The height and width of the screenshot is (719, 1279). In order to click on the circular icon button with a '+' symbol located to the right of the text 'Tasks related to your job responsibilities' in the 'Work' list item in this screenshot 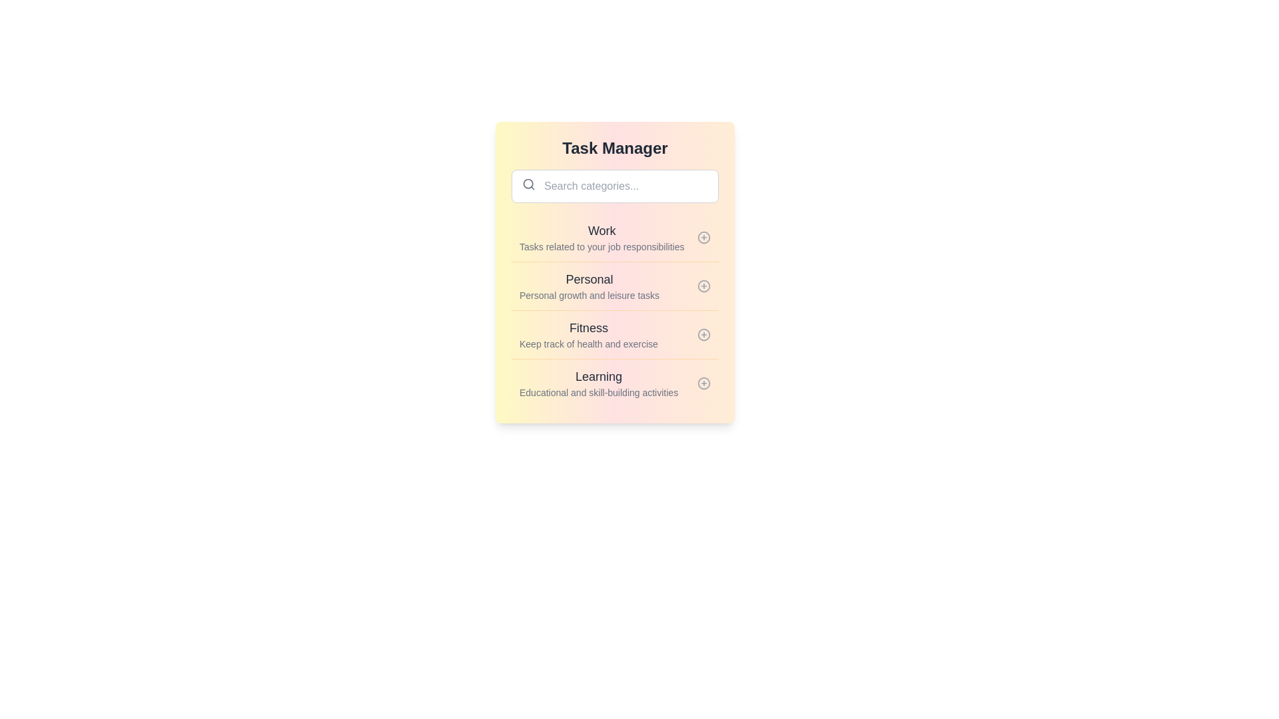, I will do `click(703, 237)`.